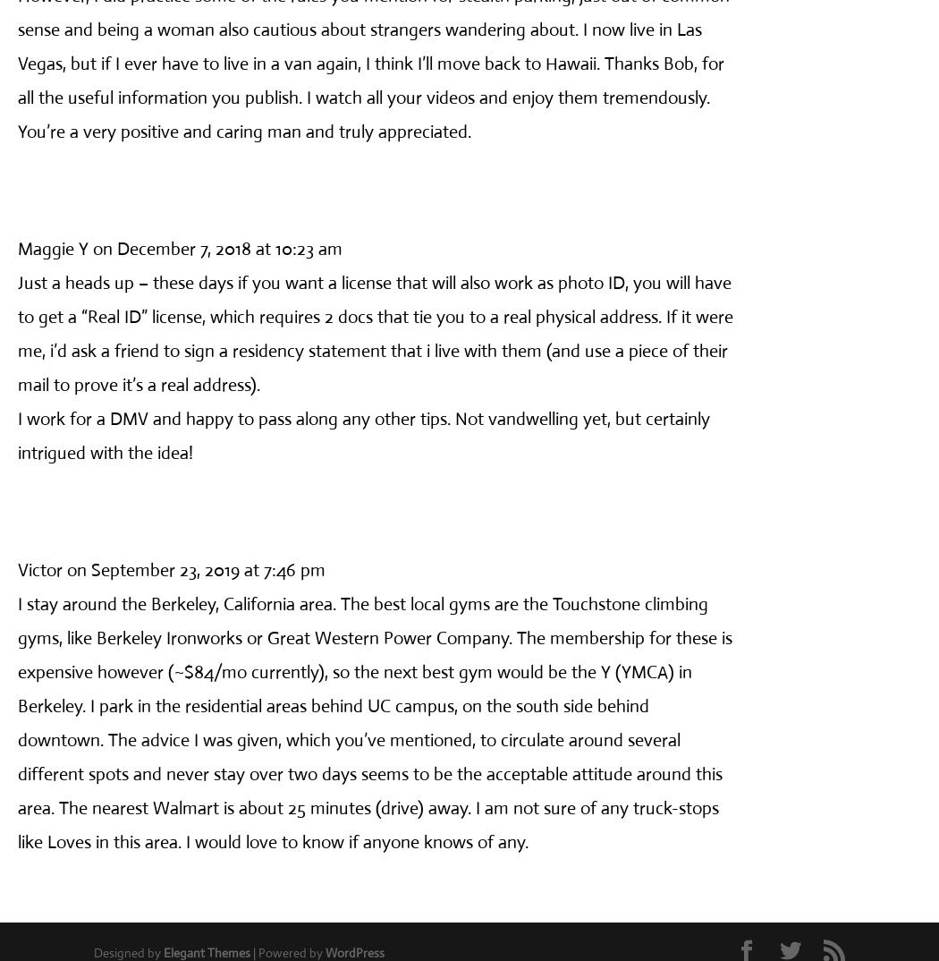 The width and height of the screenshot is (939, 961). I want to click on 'Just a heads up – these days if you want a license that will also work as photo ID, you will have to get a “Real ID” license, which requires 2 docs that tie you to a real physical address. If it were me, i’d ask a friend to sign a residency statement that i live with them (and use a piece of their mail to prove it’s a real address).', so click(17, 332).